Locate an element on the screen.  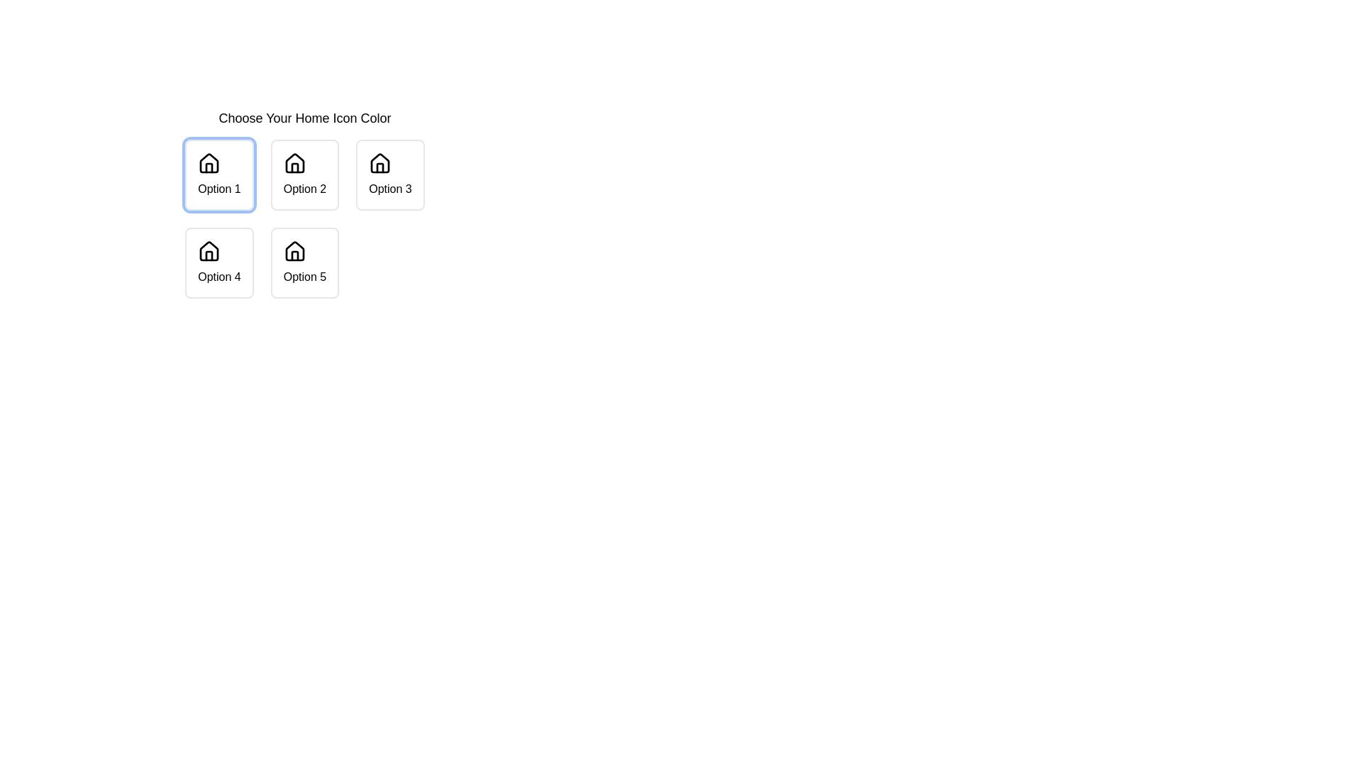
the selectable button representing 'Option 1' with the blue home icon for accessibility navigation is located at coordinates (218, 174).